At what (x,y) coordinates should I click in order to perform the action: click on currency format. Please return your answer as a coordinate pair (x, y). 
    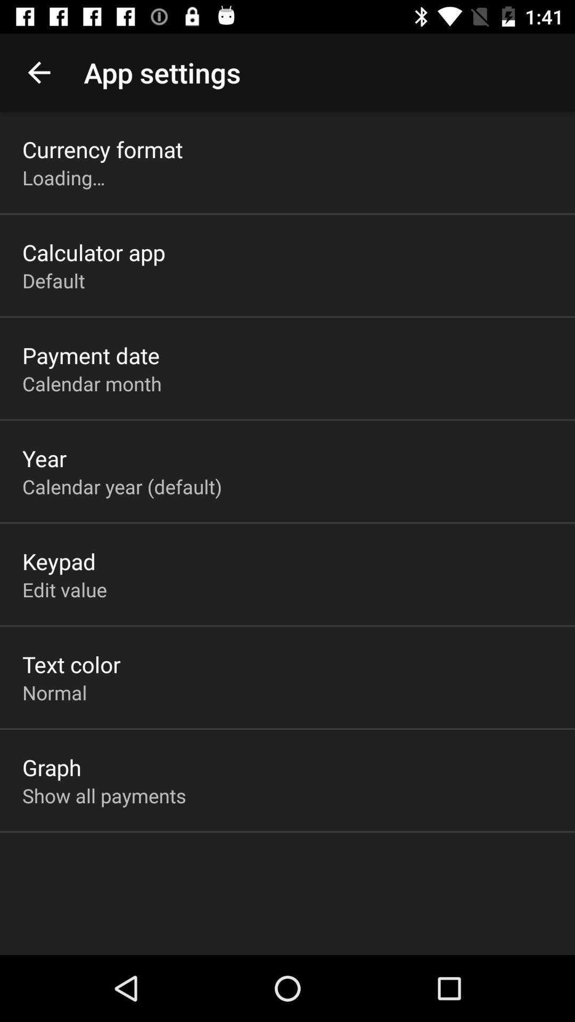
    Looking at the image, I should click on (102, 149).